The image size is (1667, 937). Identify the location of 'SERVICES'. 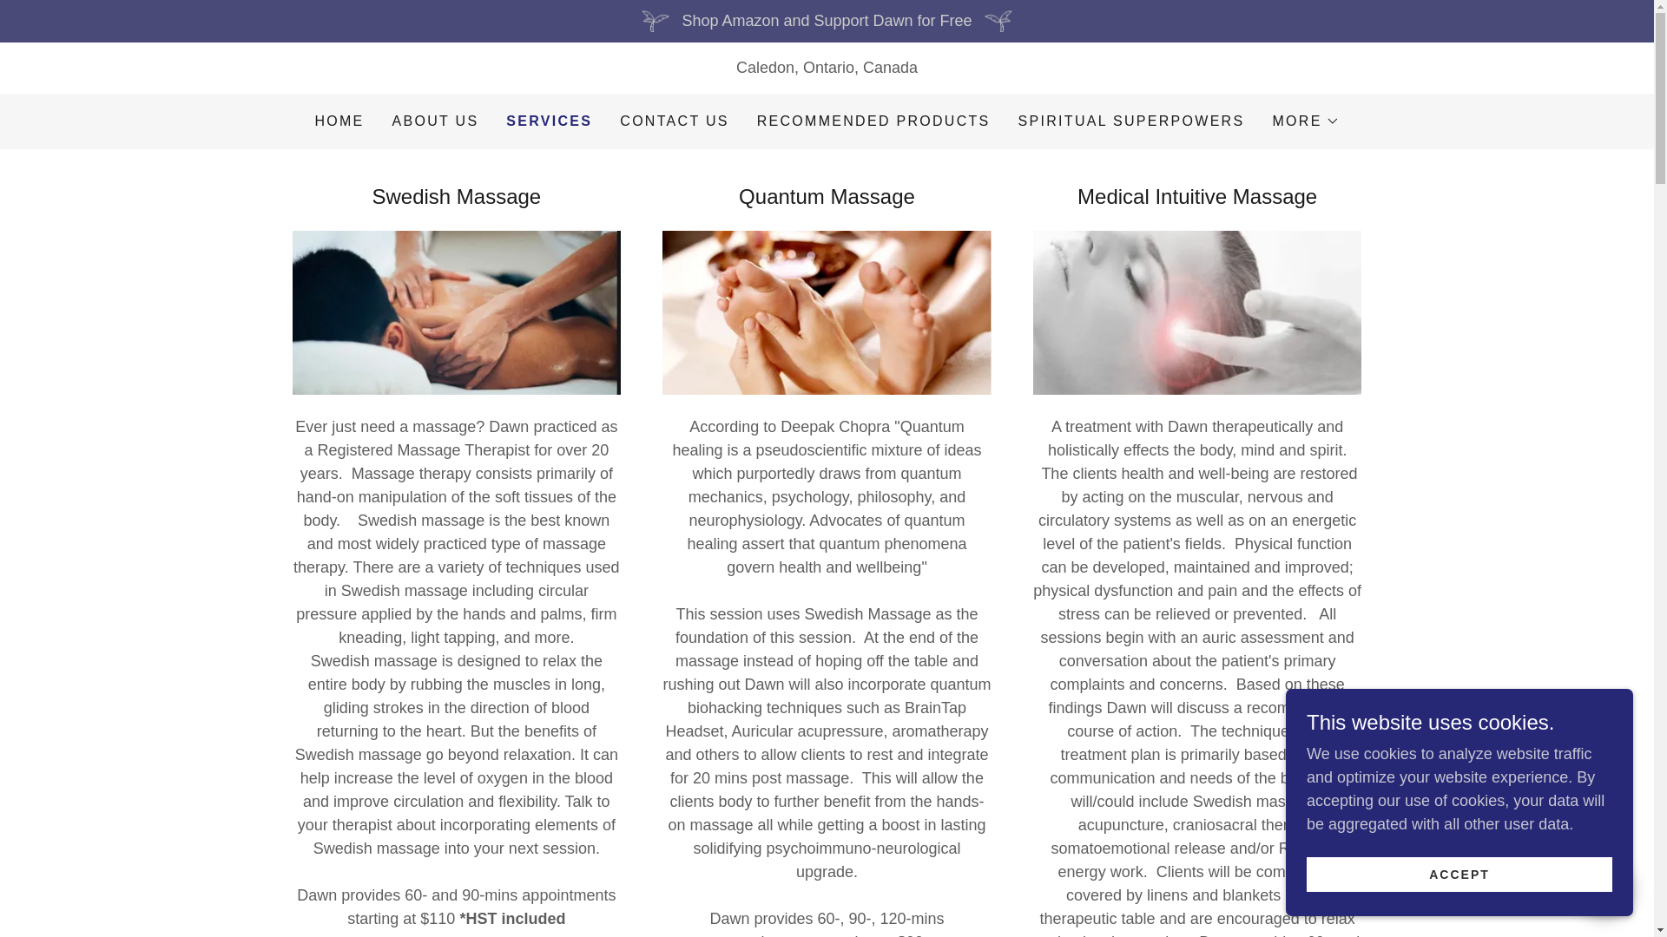
(548, 120).